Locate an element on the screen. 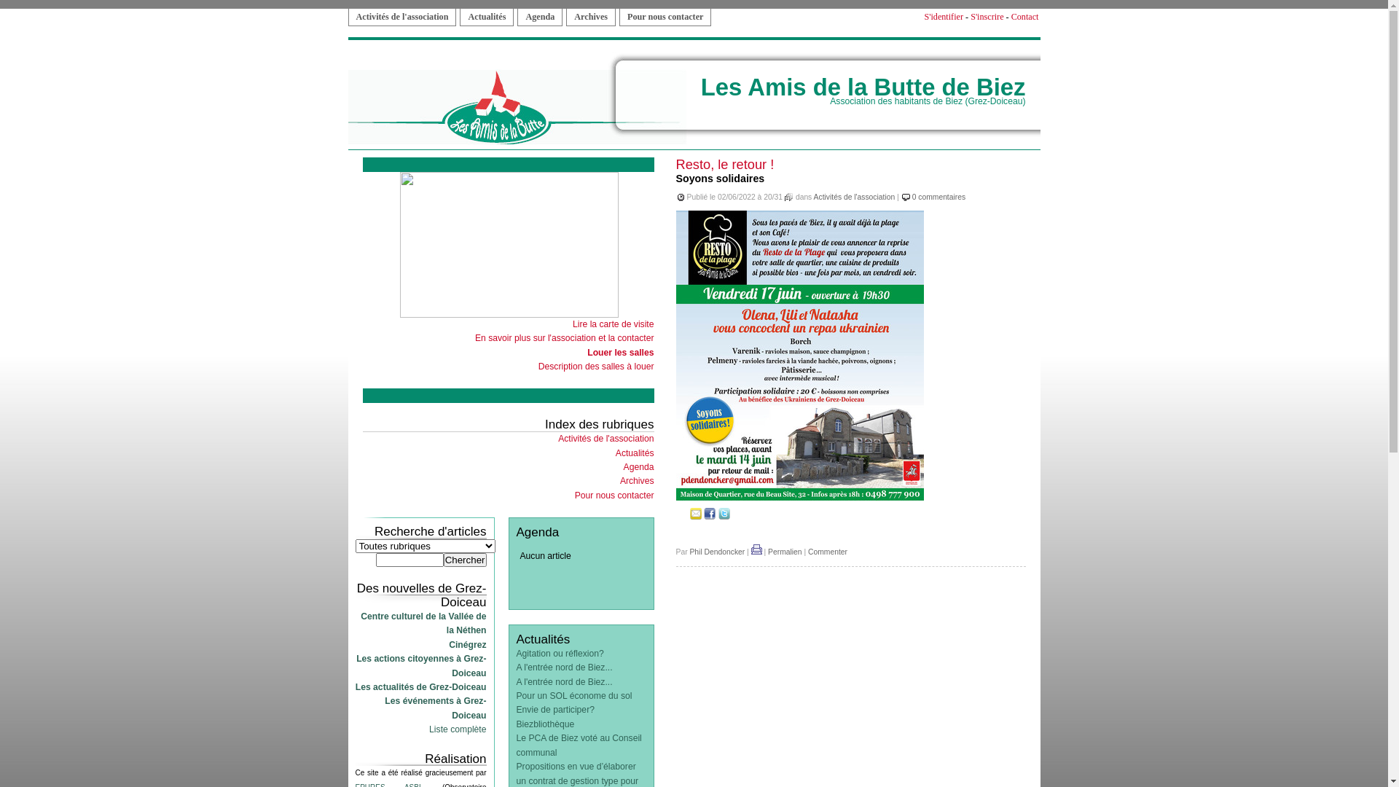  'Twitter' is located at coordinates (724, 516).